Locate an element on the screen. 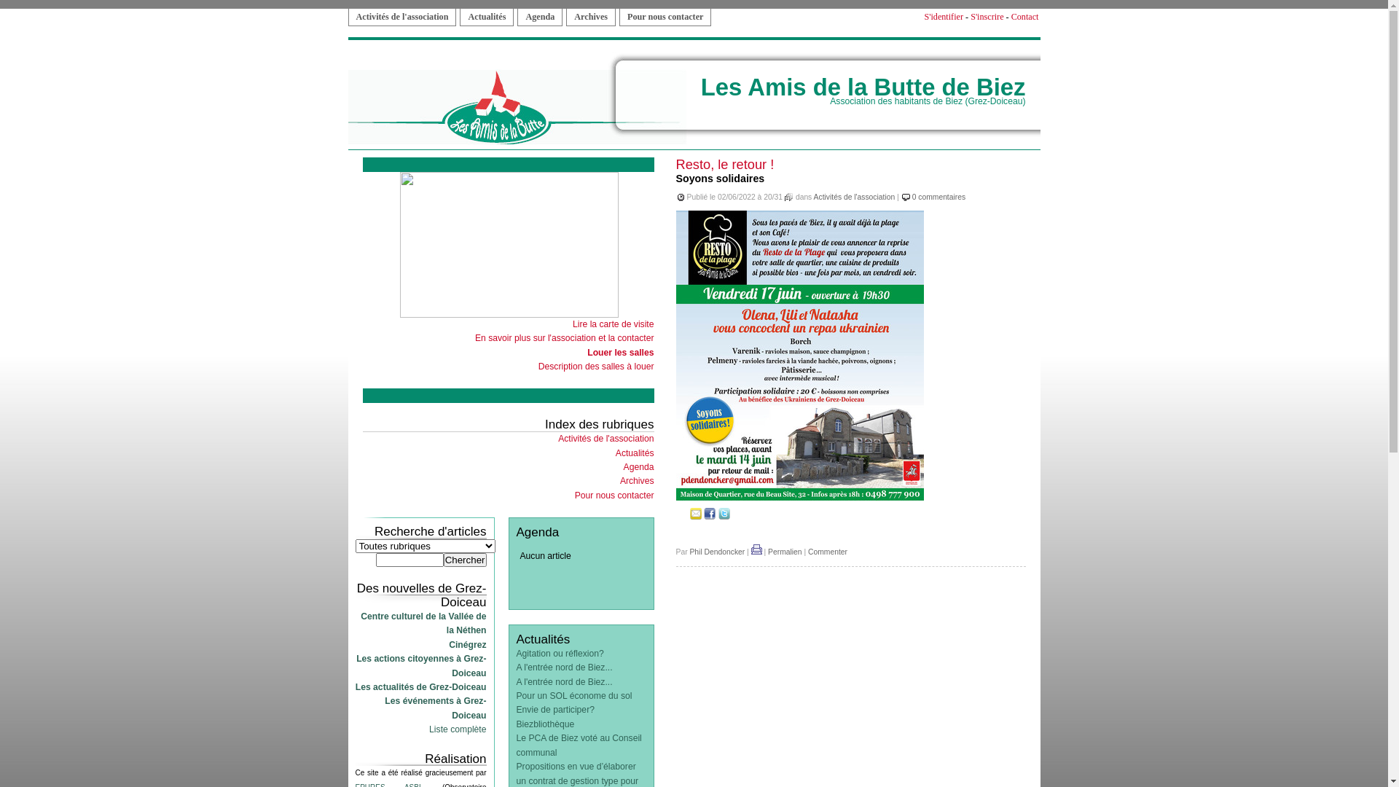  'Twitter' is located at coordinates (724, 516).